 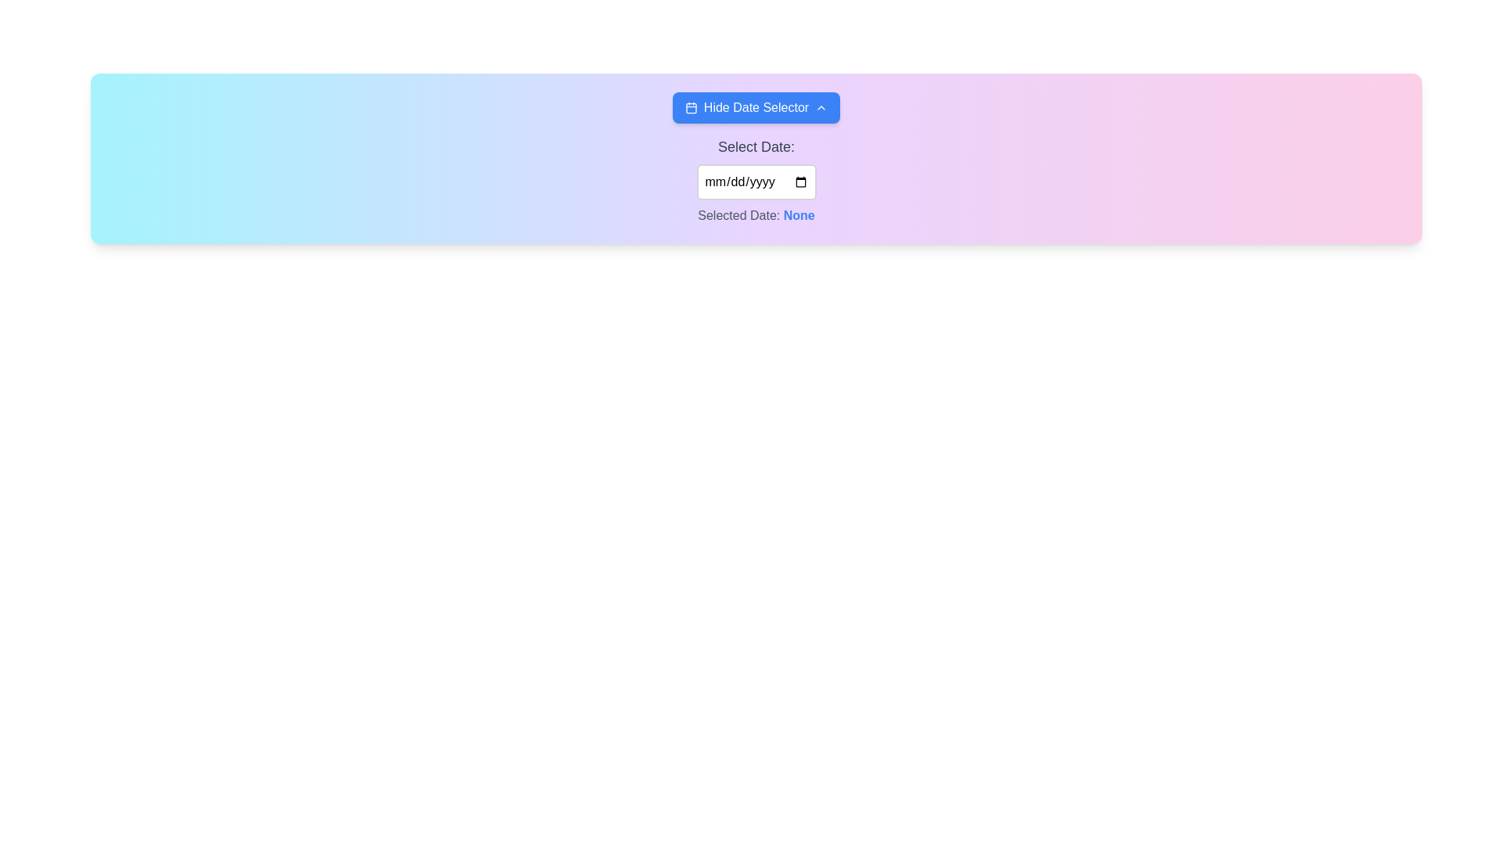 What do you see at coordinates (821, 107) in the screenshot?
I see `the icon that indicates the action of collapsing or hiding the date selector panel, which is located on the right-hand side of the 'Hide Date Selector' button` at bounding box center [821, 107].